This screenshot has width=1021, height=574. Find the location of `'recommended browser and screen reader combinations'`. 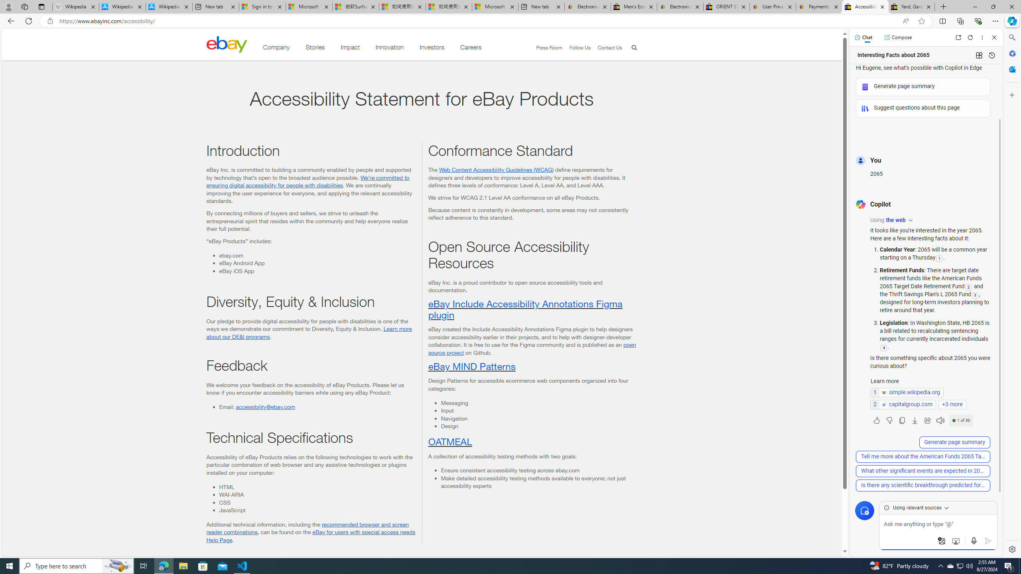

'recommended browser and screen reader combinations' is located at coordinates (307, 528).